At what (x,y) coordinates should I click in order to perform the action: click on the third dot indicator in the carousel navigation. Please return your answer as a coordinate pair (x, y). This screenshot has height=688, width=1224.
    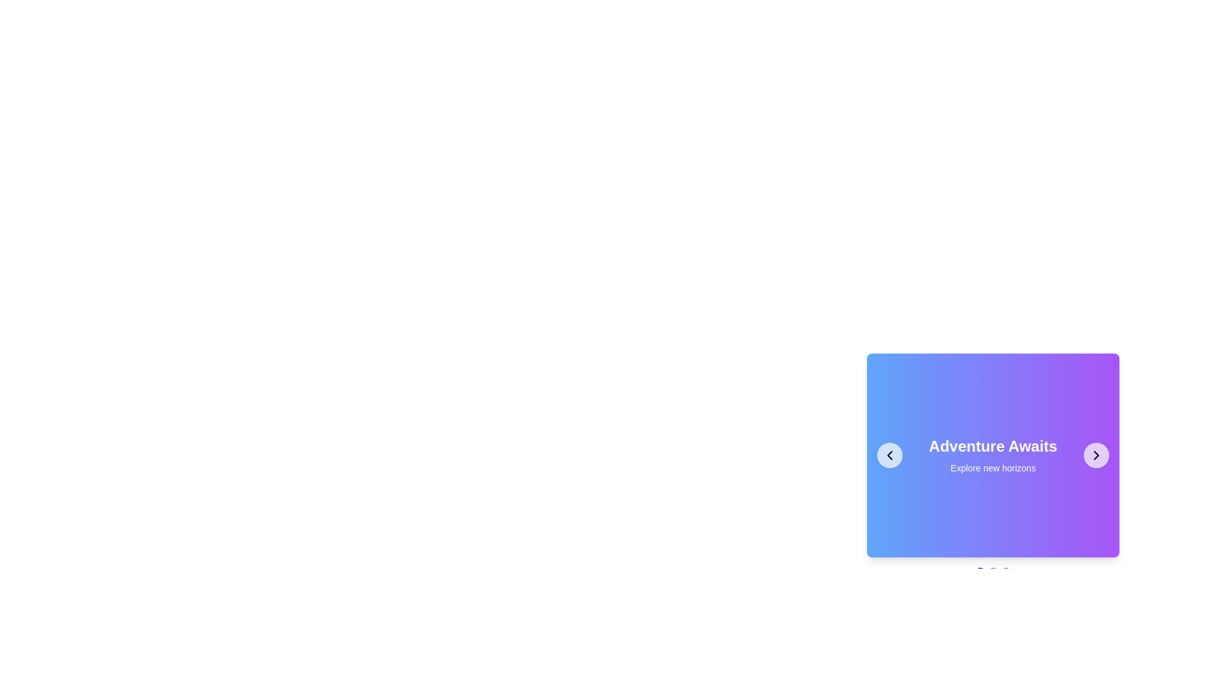
    Looking at the image, I should click on (1005, 571).